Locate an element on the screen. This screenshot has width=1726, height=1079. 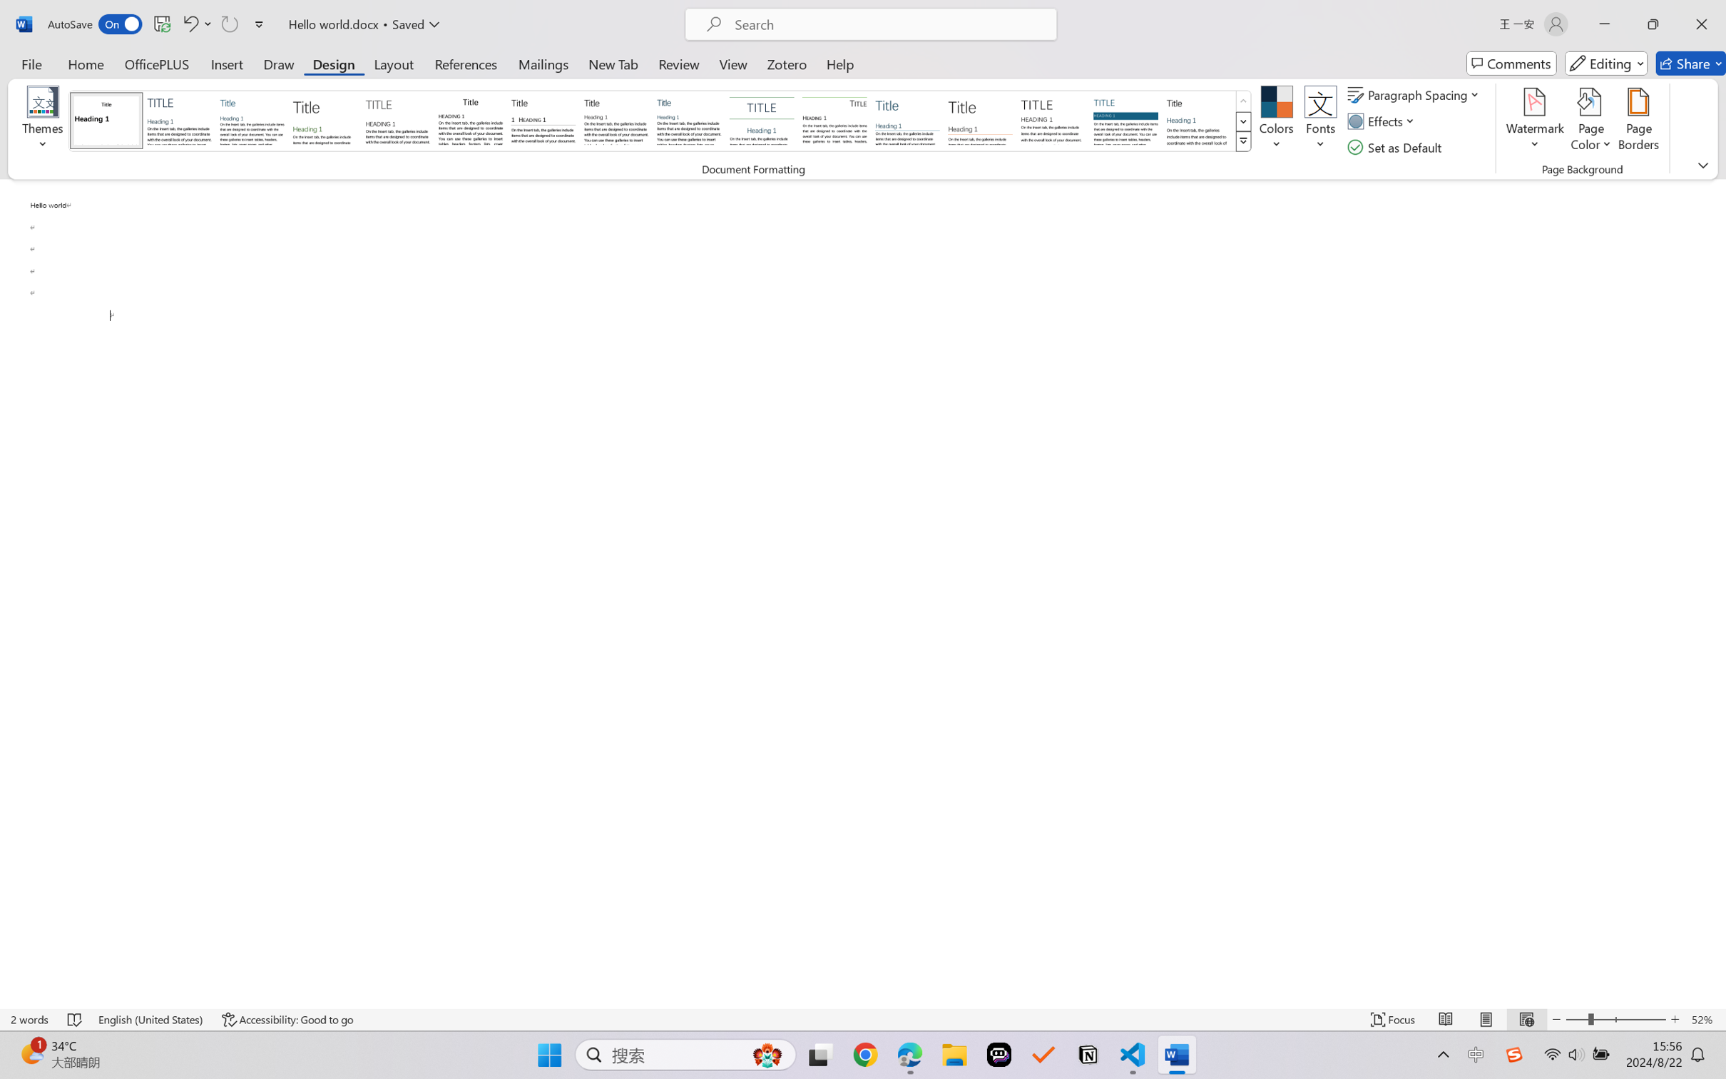
'Undo Click and Type Formatting' is located at coordinates (195, 24).